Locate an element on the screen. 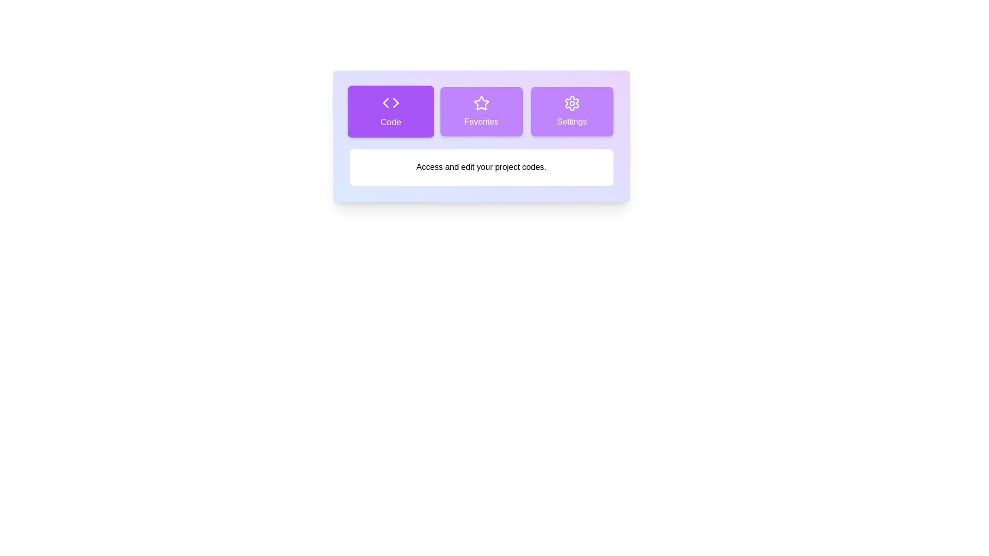 The image size is (989, 556). the first button in the top left of the grid layout for keyboard interaction is located at coordinates (390, 111).